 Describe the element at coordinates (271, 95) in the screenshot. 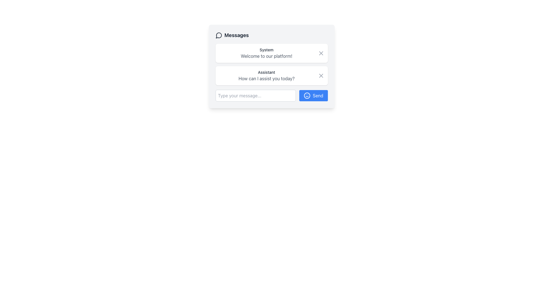

I see `the Message Input Bar located at the bottom of the chat panel to type a message` at that location.